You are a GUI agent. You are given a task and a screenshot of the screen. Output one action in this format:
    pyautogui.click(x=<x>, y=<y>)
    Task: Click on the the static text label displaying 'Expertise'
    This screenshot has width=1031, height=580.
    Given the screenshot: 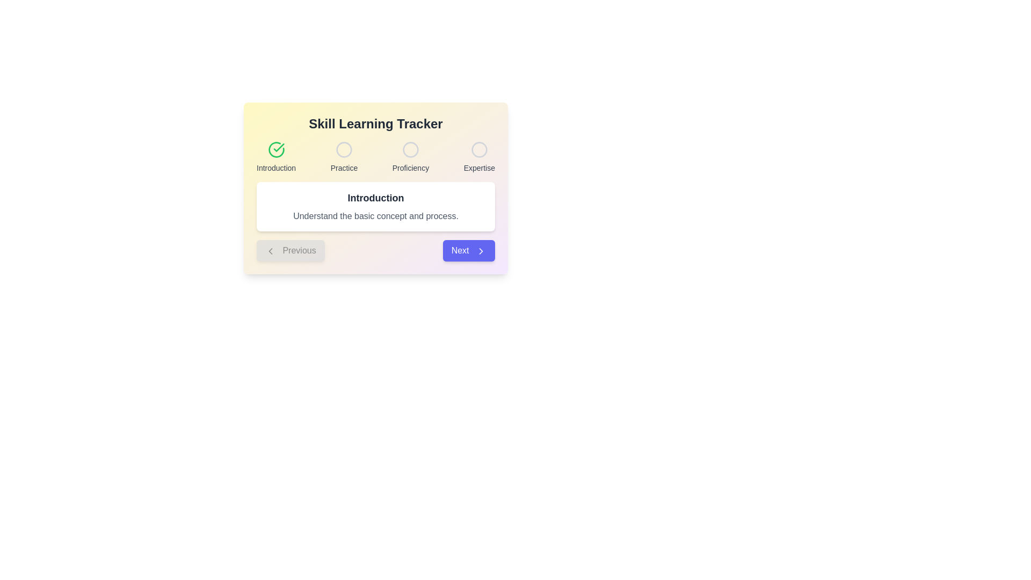 What is the action you would take?
    pyautogui.click(x=478, y=168)
    